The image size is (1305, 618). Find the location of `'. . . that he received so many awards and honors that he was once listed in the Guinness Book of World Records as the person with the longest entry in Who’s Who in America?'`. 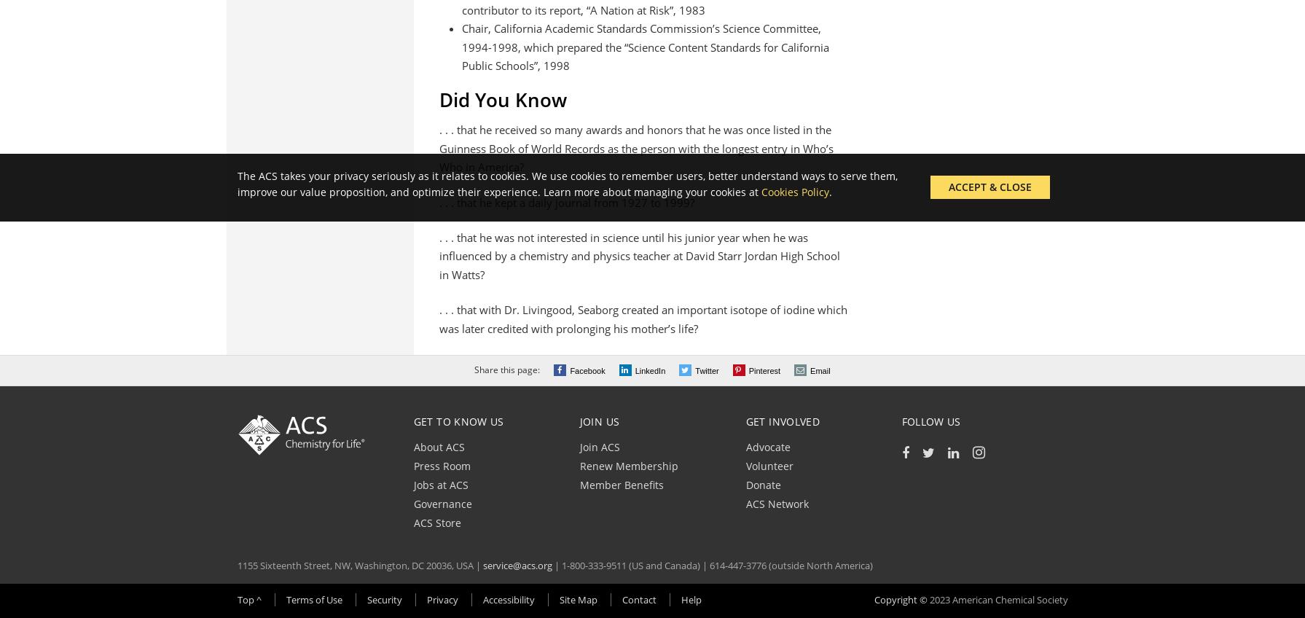

'. . . that he received so many awards and honors that he was once listed in the Guinness Book of World Records as the person with the longest entry in Who’s Who in America?' is located at coordinates (636, 148).